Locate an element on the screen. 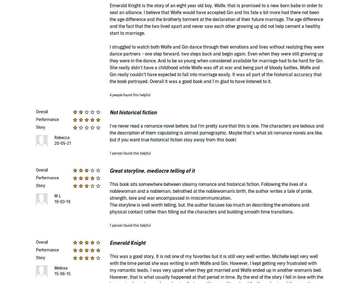  'I struggled to watch both Wolfe and Gin dance through their emotions and lives without realizing they were dance partners  - one step forward, two steps back and begin again. Even when they were still growing up they were in the dance. And to be so young when considered available for marriage had to be hard for Gin. She really didn’t have a childhood while Wolfe was off at war and being part of bloody battles. Wolfe and Gin really couldn’t have expected to fall into marriage easily. It was all part of the historical accuracy that the book portrayed.  Overall it was a good book and I’m glad to have listened to it.' is located at coordinates (217, 64).